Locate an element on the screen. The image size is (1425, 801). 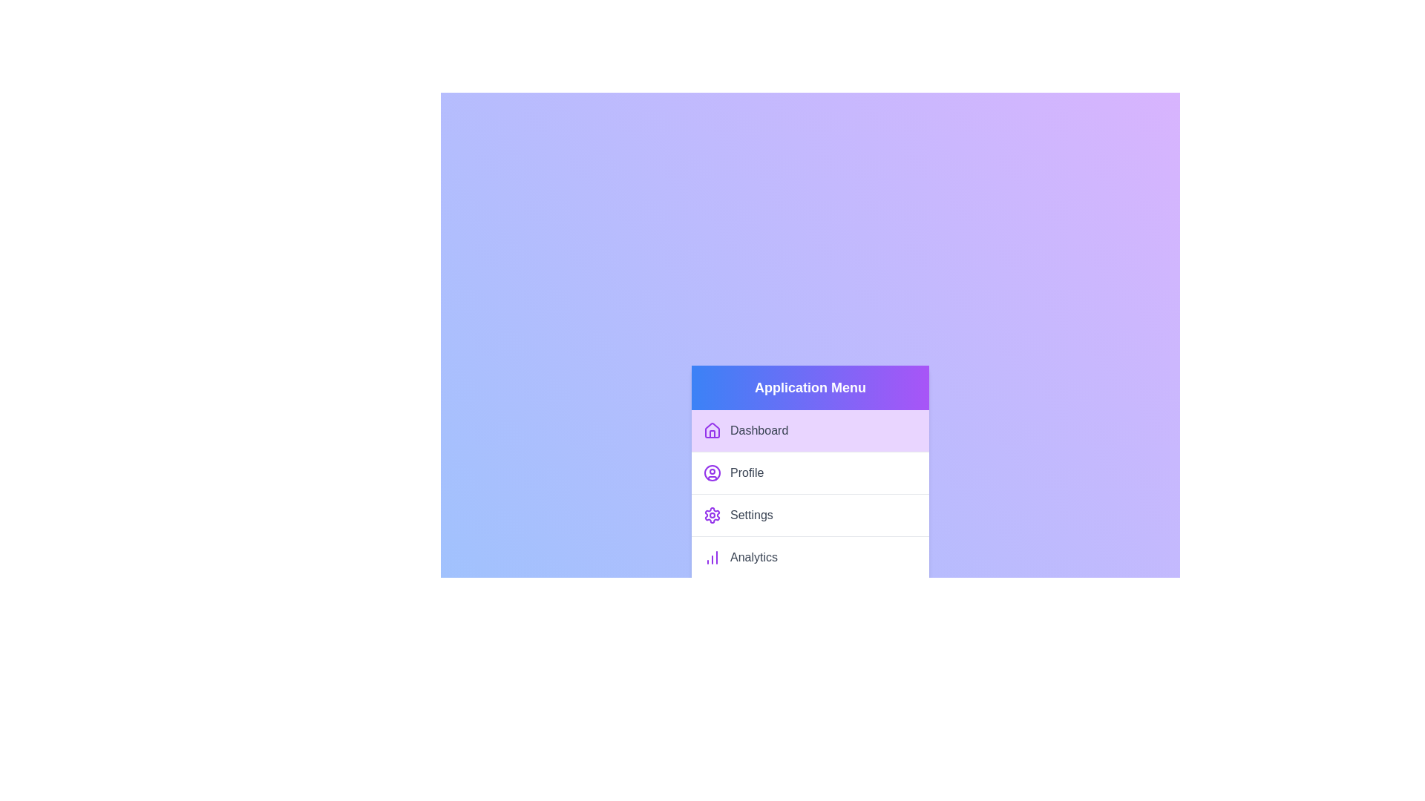
the menu item labeled Profile from the list is located at coordinates (809, 472).